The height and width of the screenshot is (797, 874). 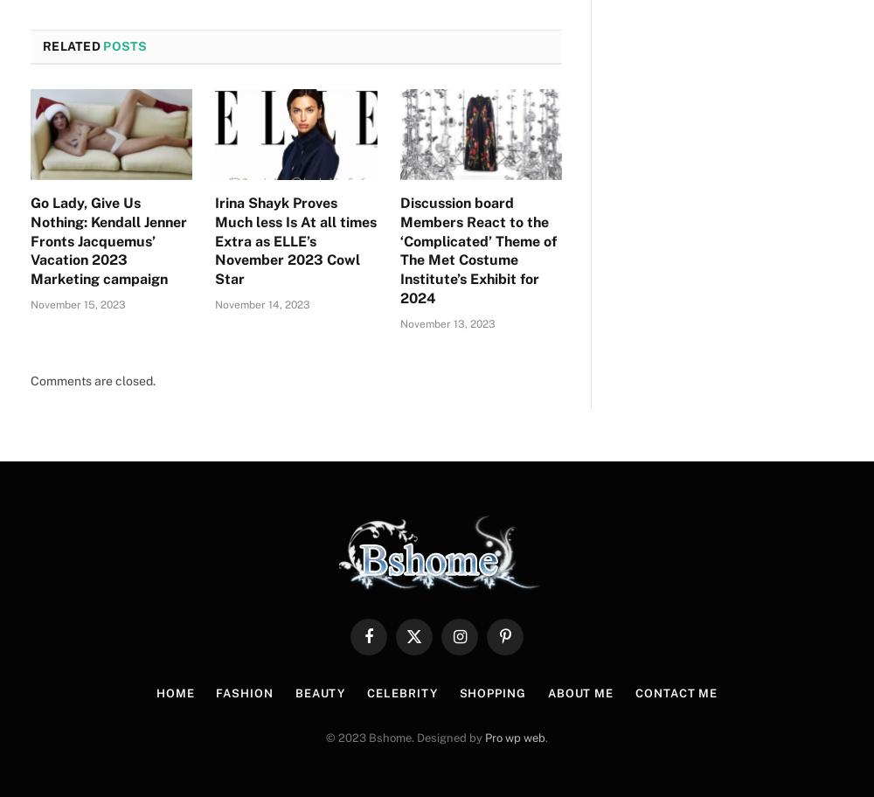 What do you see at coordinates (174, 693) in the screenshot?
I see `'Home'` at bounding box center [174, 693].